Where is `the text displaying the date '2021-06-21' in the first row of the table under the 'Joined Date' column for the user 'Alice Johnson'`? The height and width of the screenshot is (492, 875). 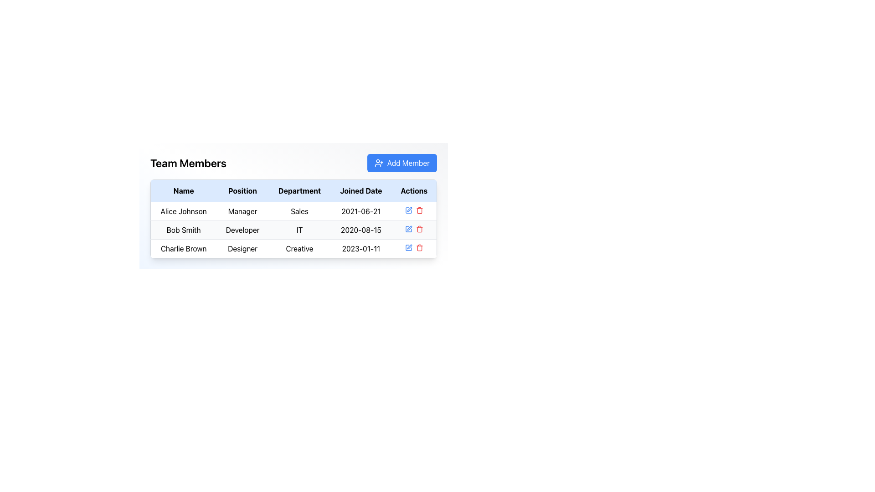 the text displaying the date '2021-06-21' in the first row of the table under the 'Joined Date' column for the user 'Alice Johnson' is located at coordinates (360, 211).